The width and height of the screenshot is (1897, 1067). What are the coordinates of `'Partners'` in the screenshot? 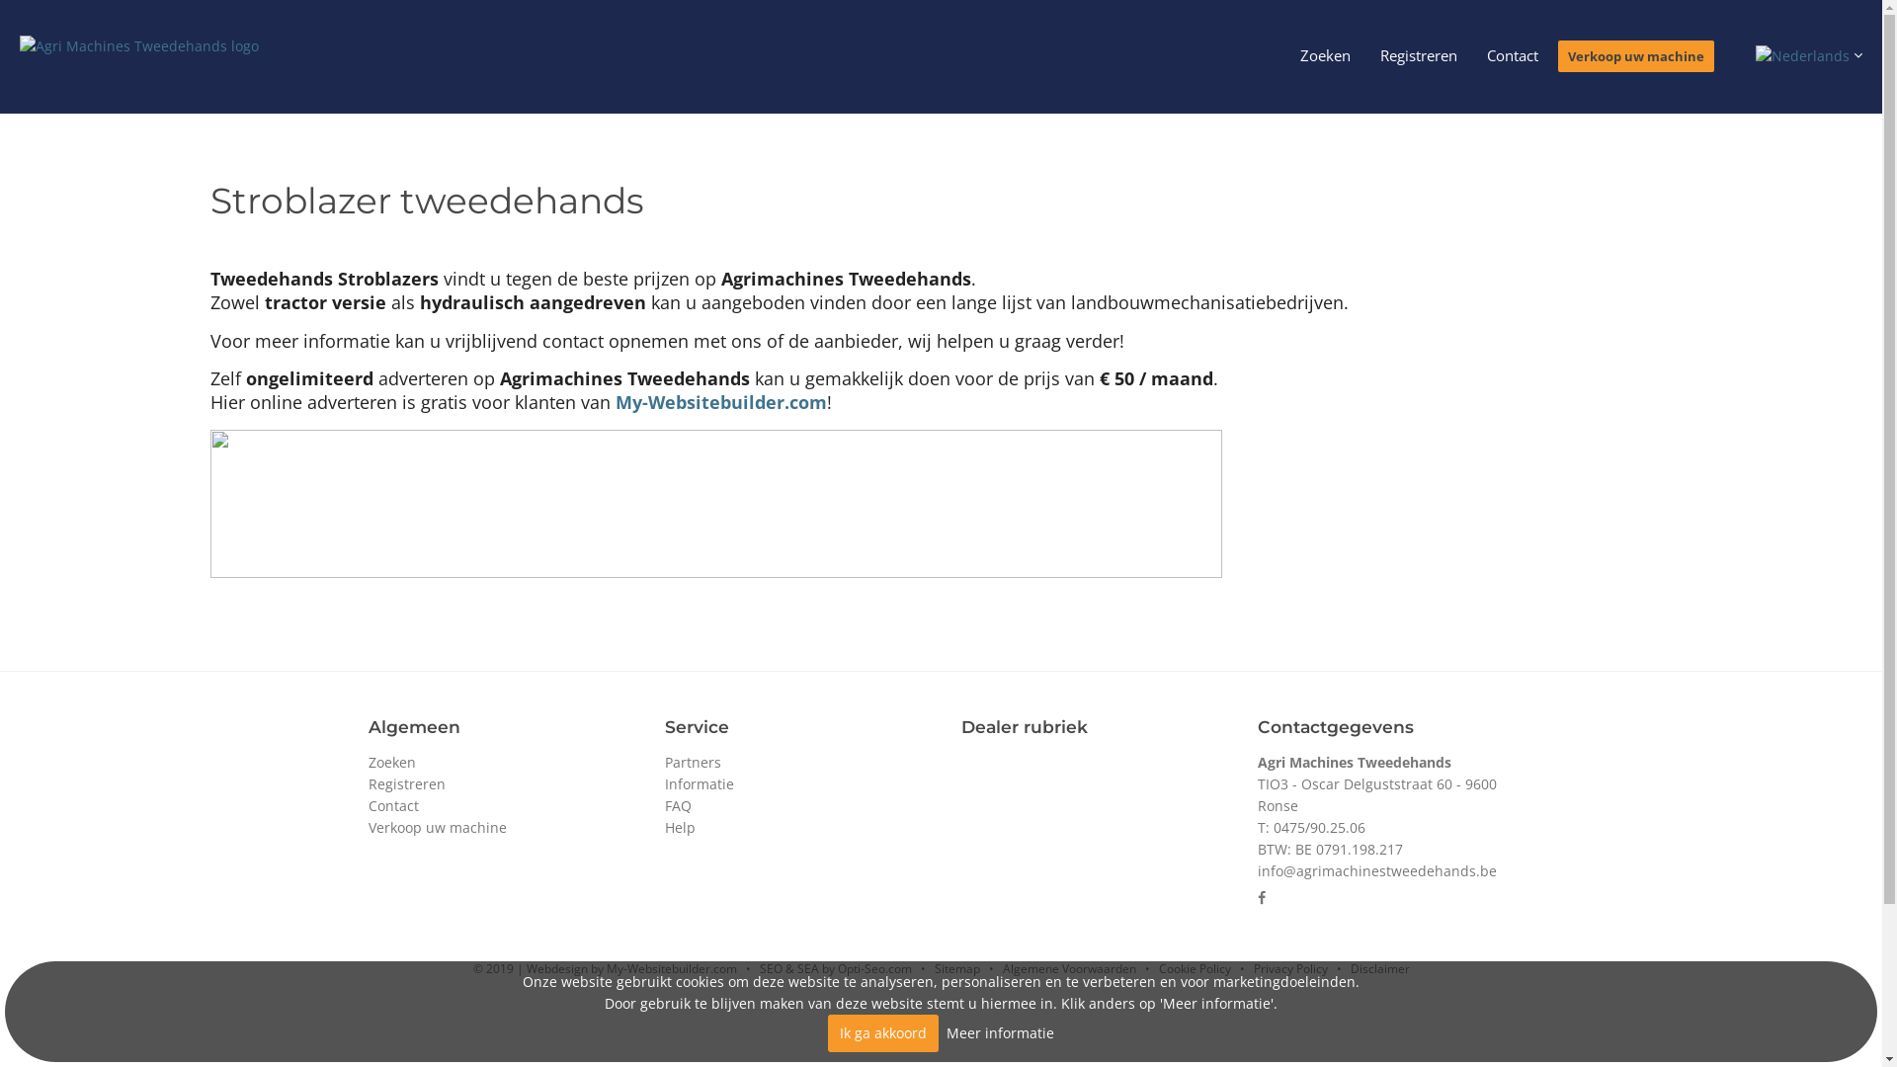 It's located at (692, 761).